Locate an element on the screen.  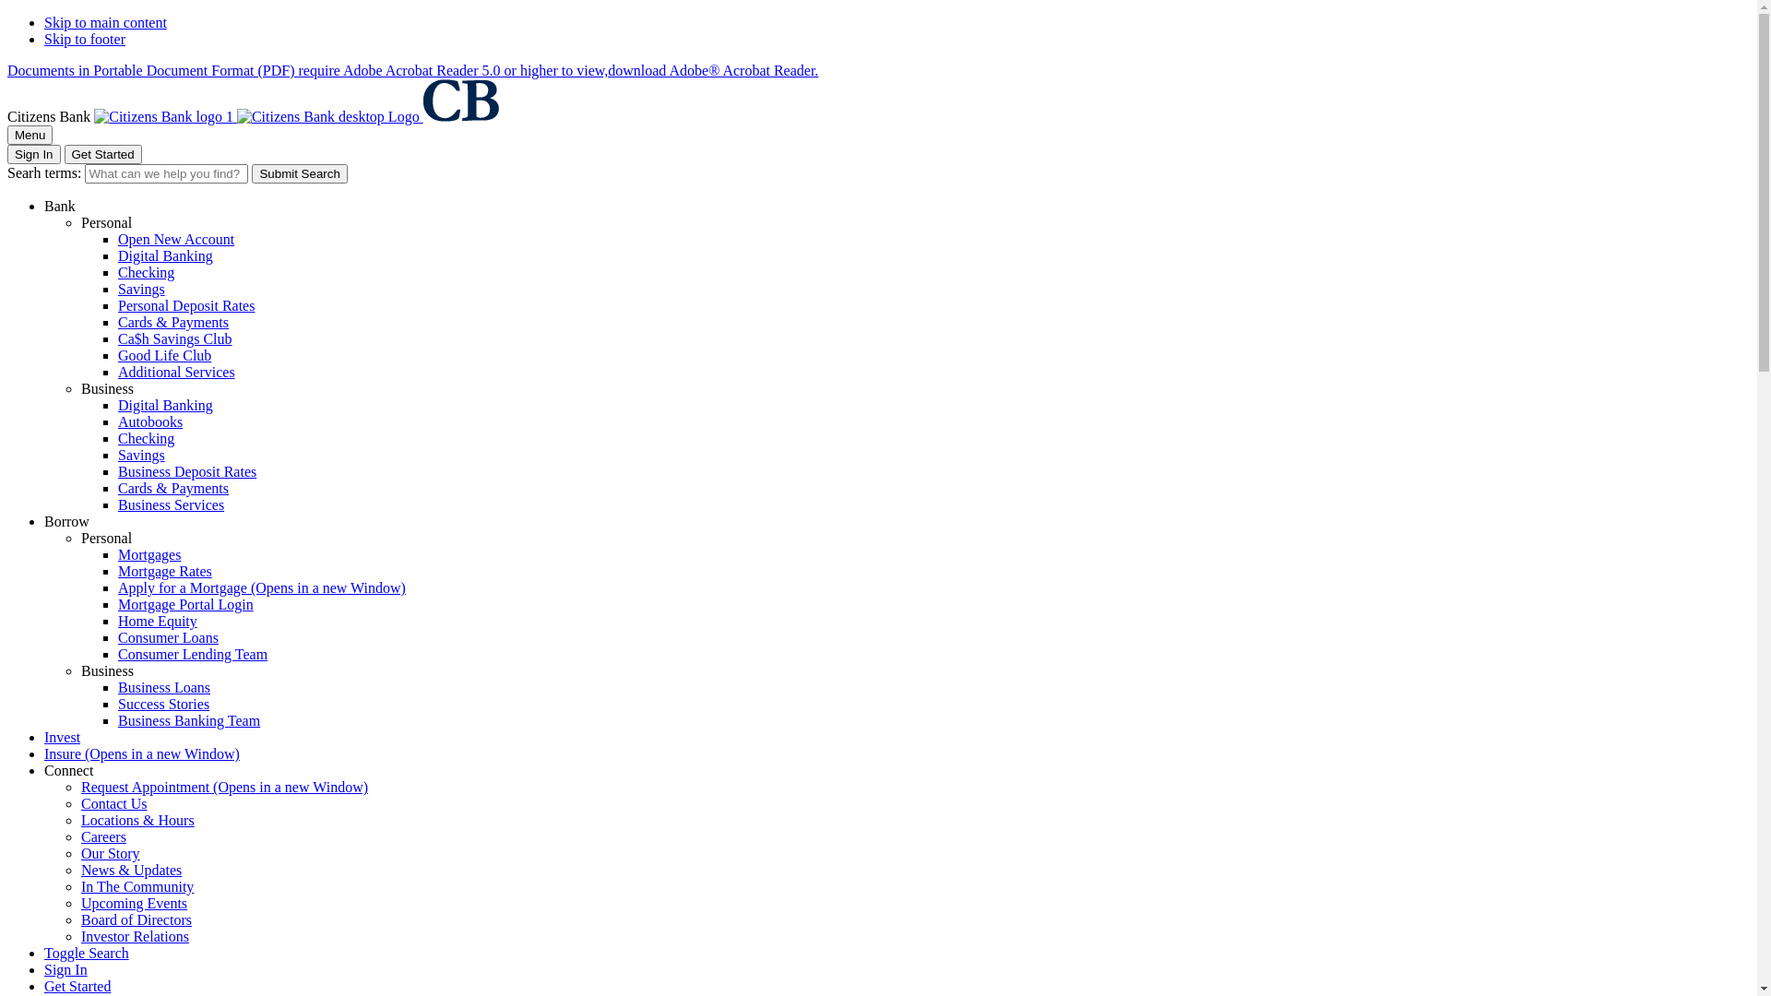
'Cards & Payments' is located at coordinates (117, 321).